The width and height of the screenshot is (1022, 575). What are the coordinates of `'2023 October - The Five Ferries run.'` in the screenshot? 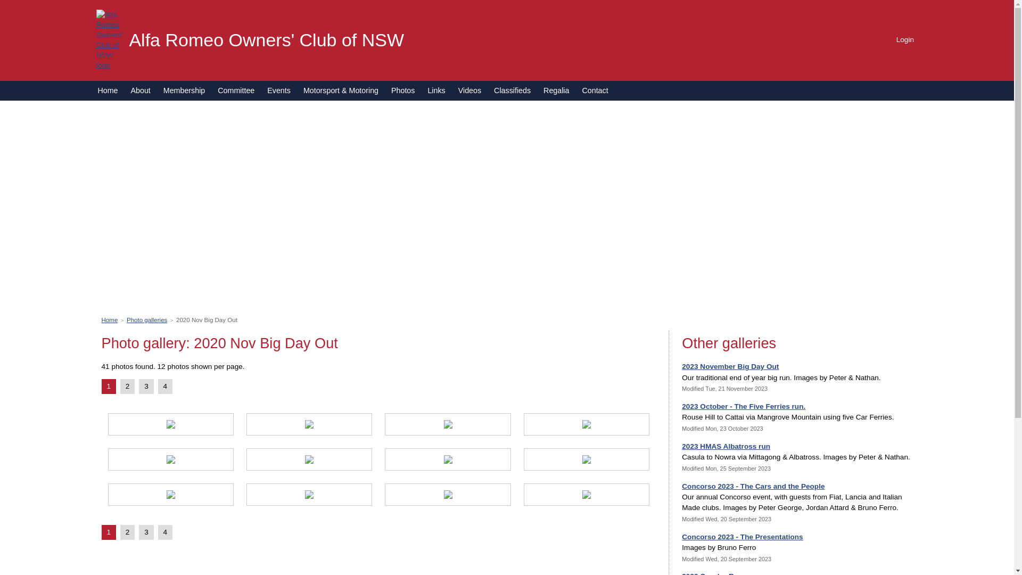 It's located at (743, 406).